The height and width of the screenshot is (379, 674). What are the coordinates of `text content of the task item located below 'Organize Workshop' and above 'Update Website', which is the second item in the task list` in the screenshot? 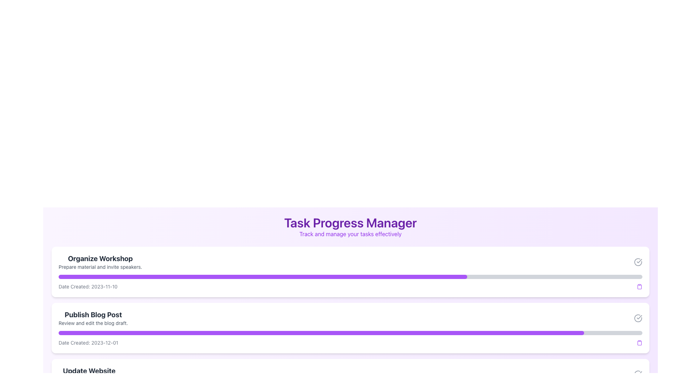 It's located at (93, 318).